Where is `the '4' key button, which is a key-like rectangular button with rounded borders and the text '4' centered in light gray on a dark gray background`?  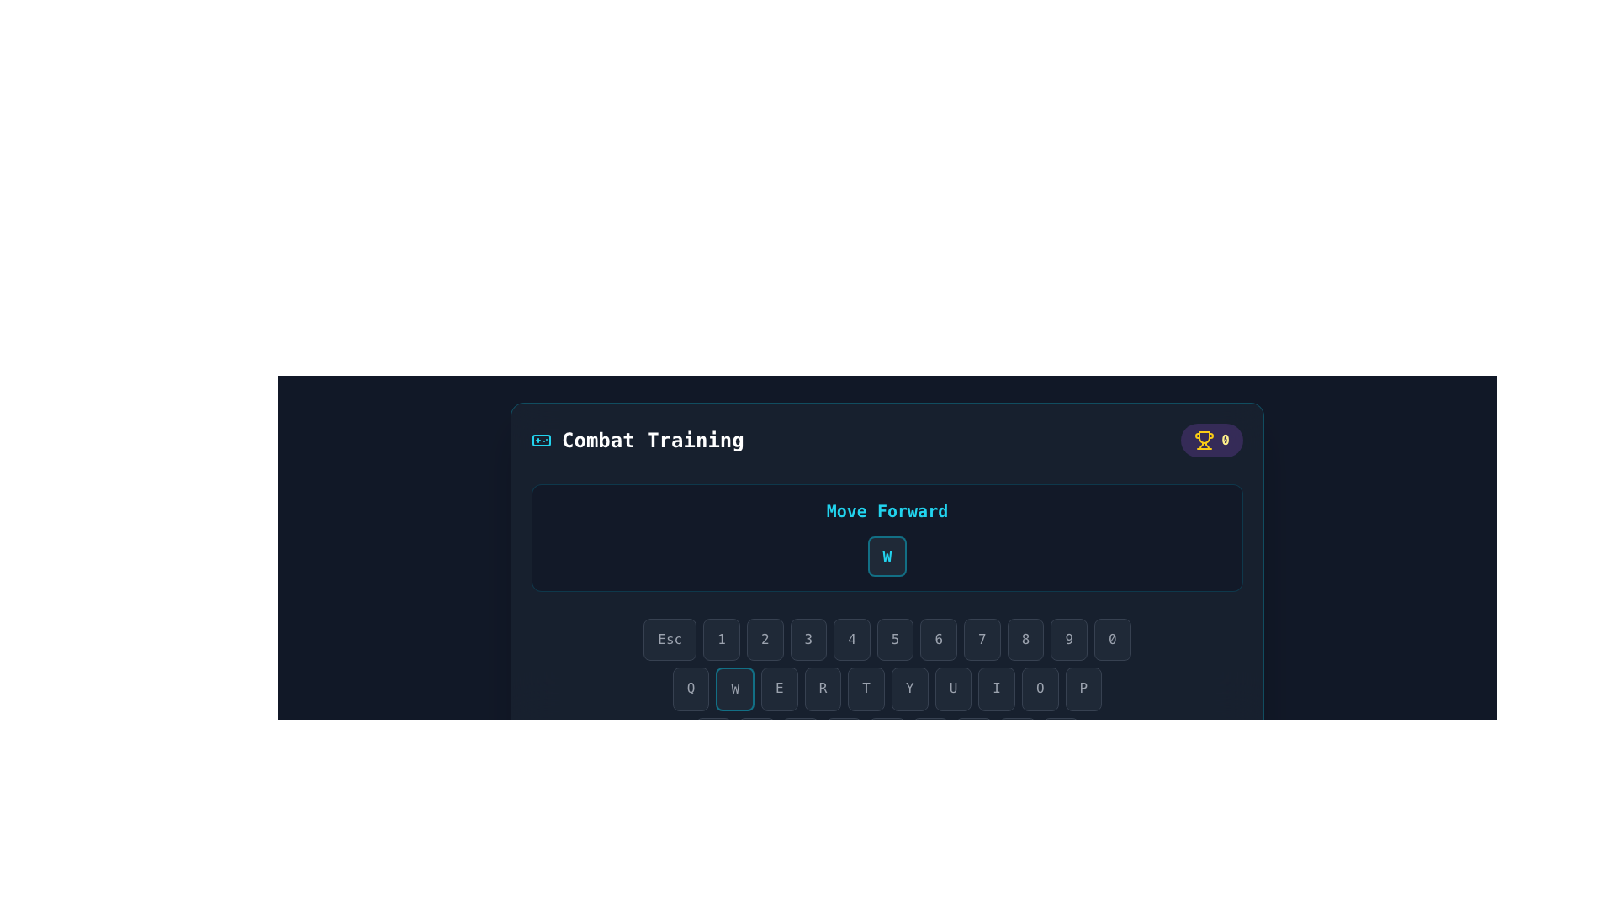 the '4' key button, which is a key-like rectangular button with rounded borders and the text '4' centered in light gray on a dark gray background is located at coordinates (851, 639).